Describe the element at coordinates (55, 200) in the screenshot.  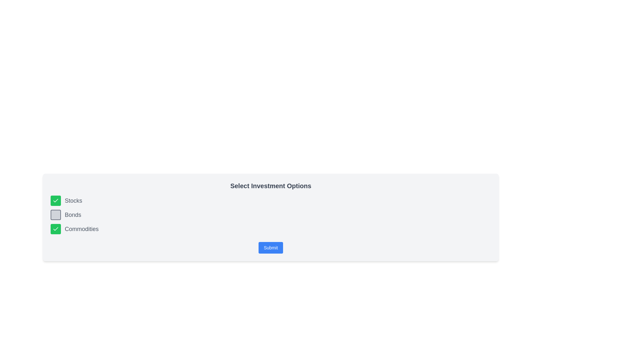
I see `the checkbox indicator` at that location.